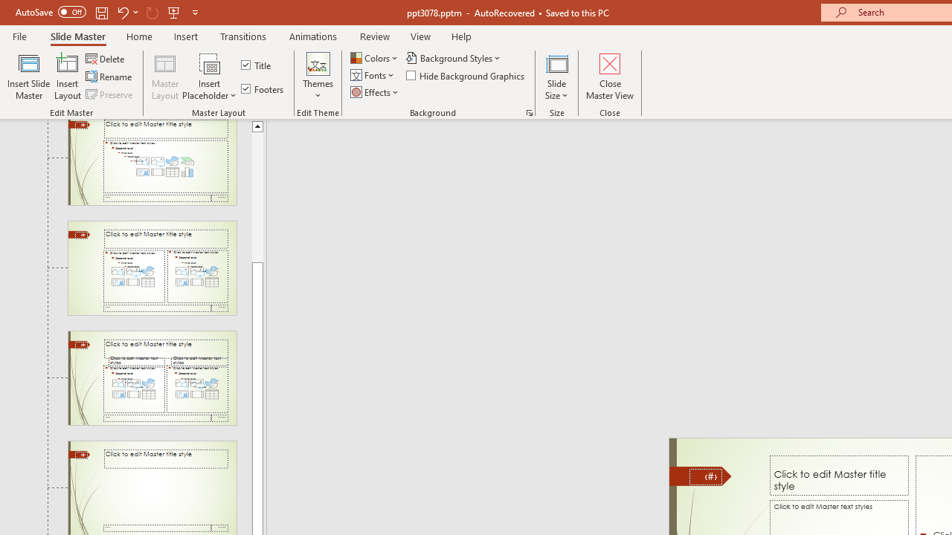 The width and height of the screenshot is (952, 535). What do you see at coordinates (529, 111) in the screenshot?
I see `'Format Background...'` at bounding box center [529, 111].